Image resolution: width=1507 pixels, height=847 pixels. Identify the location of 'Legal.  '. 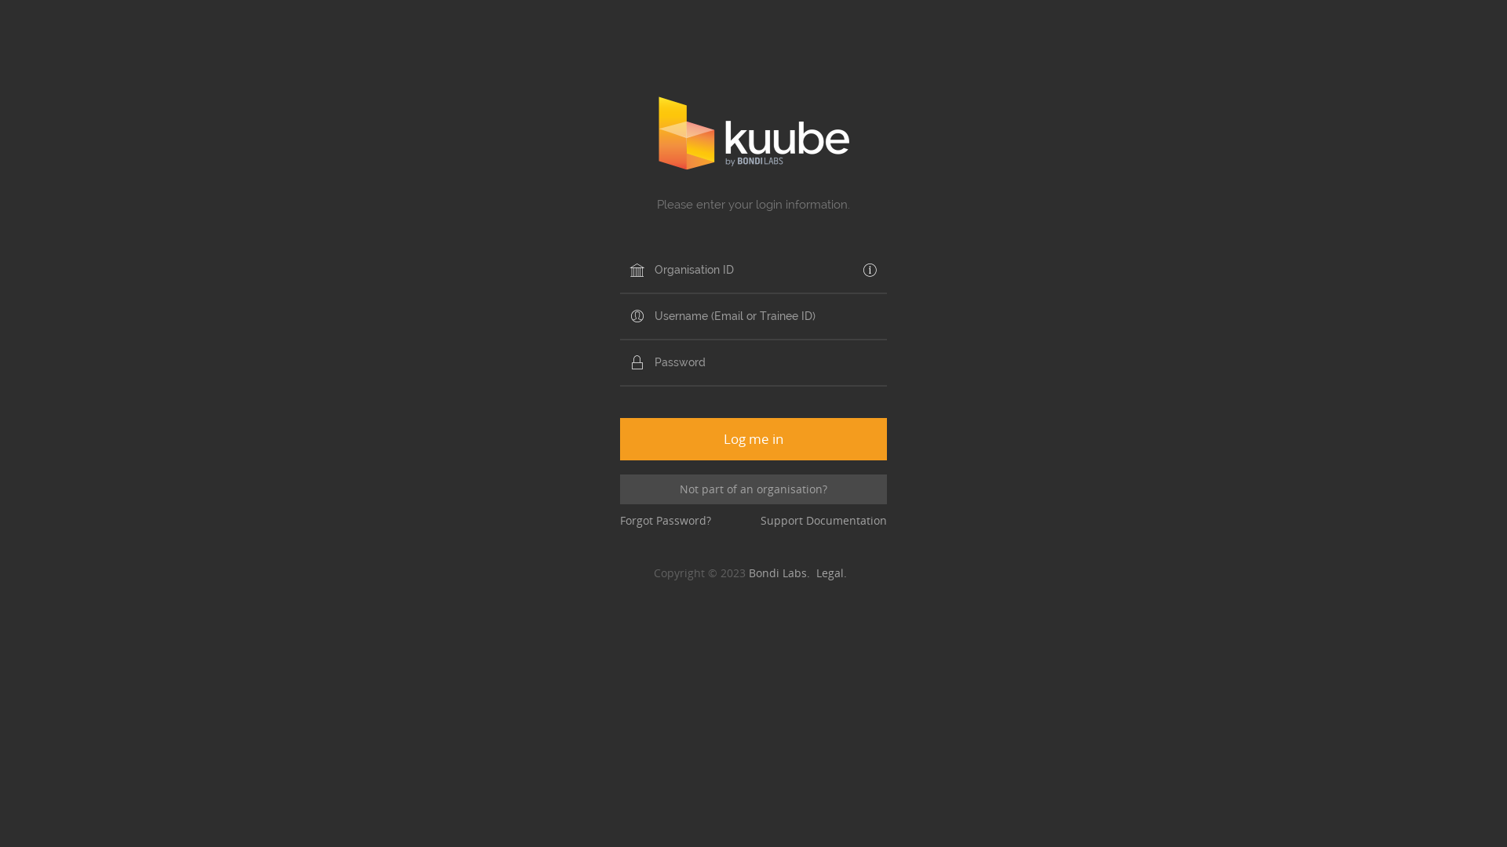
(834, 573).